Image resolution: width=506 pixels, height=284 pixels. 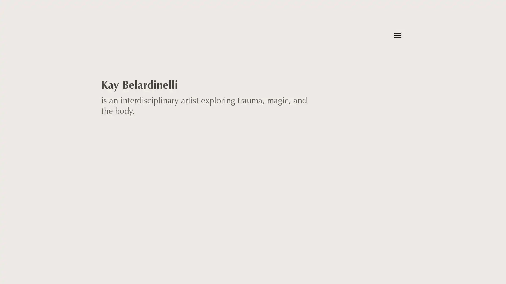 I want to click on Toggle Menu, so click(x=397, y=35).